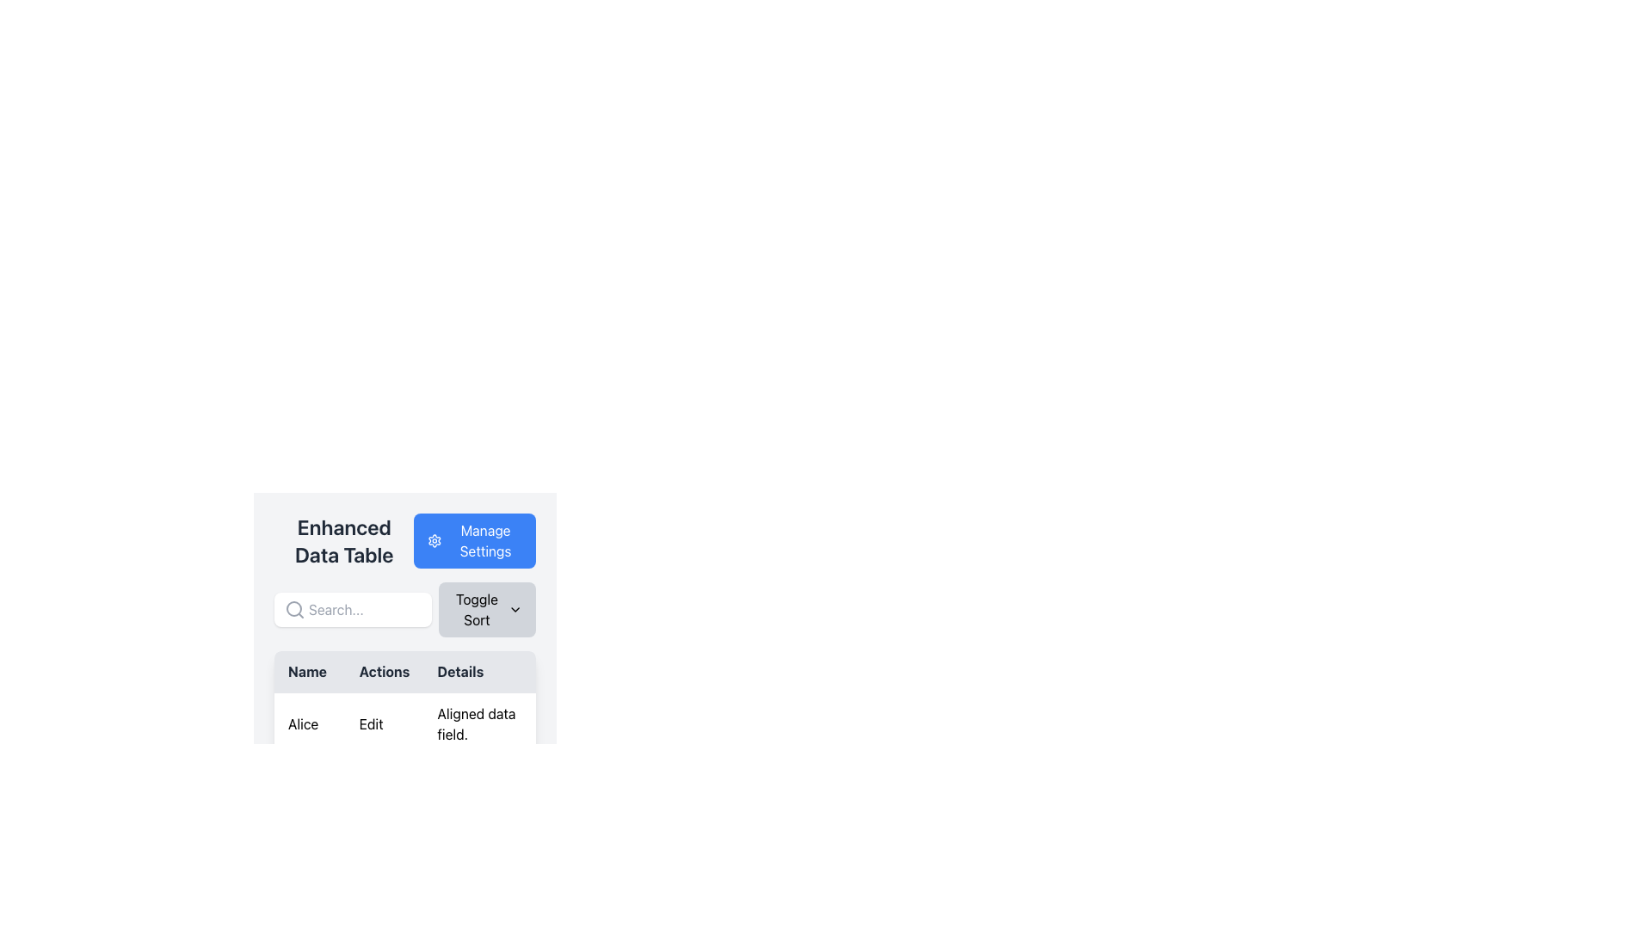  What do you see at coordinates (435, 539) in the screenshot?
I see `the settings icon, which is a flower-like shape with a blue background and white outline, located to the left of 'Manage Settings' in the top-right corner of the 'Enhanced Data Table' UI card` at bounding box center [435, 539].